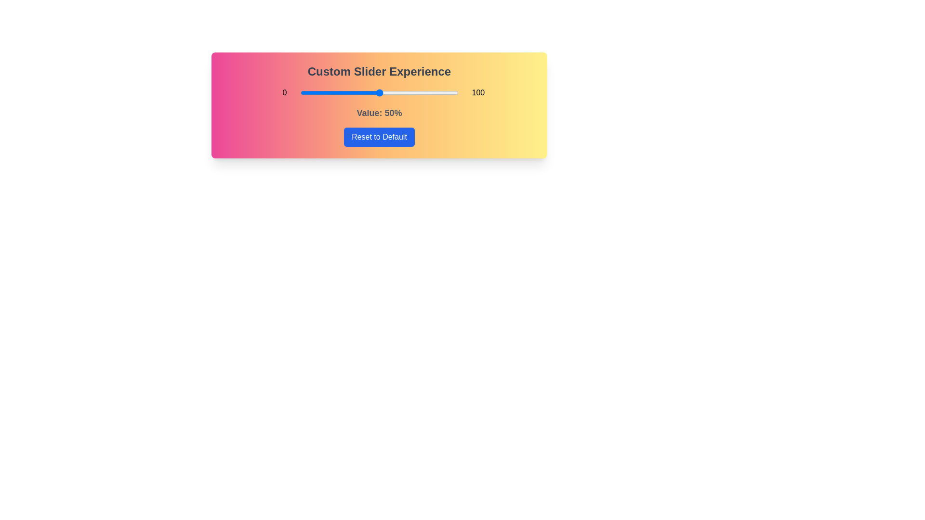  I want to click on the slider to set its value to 11%, so click(317, 92).